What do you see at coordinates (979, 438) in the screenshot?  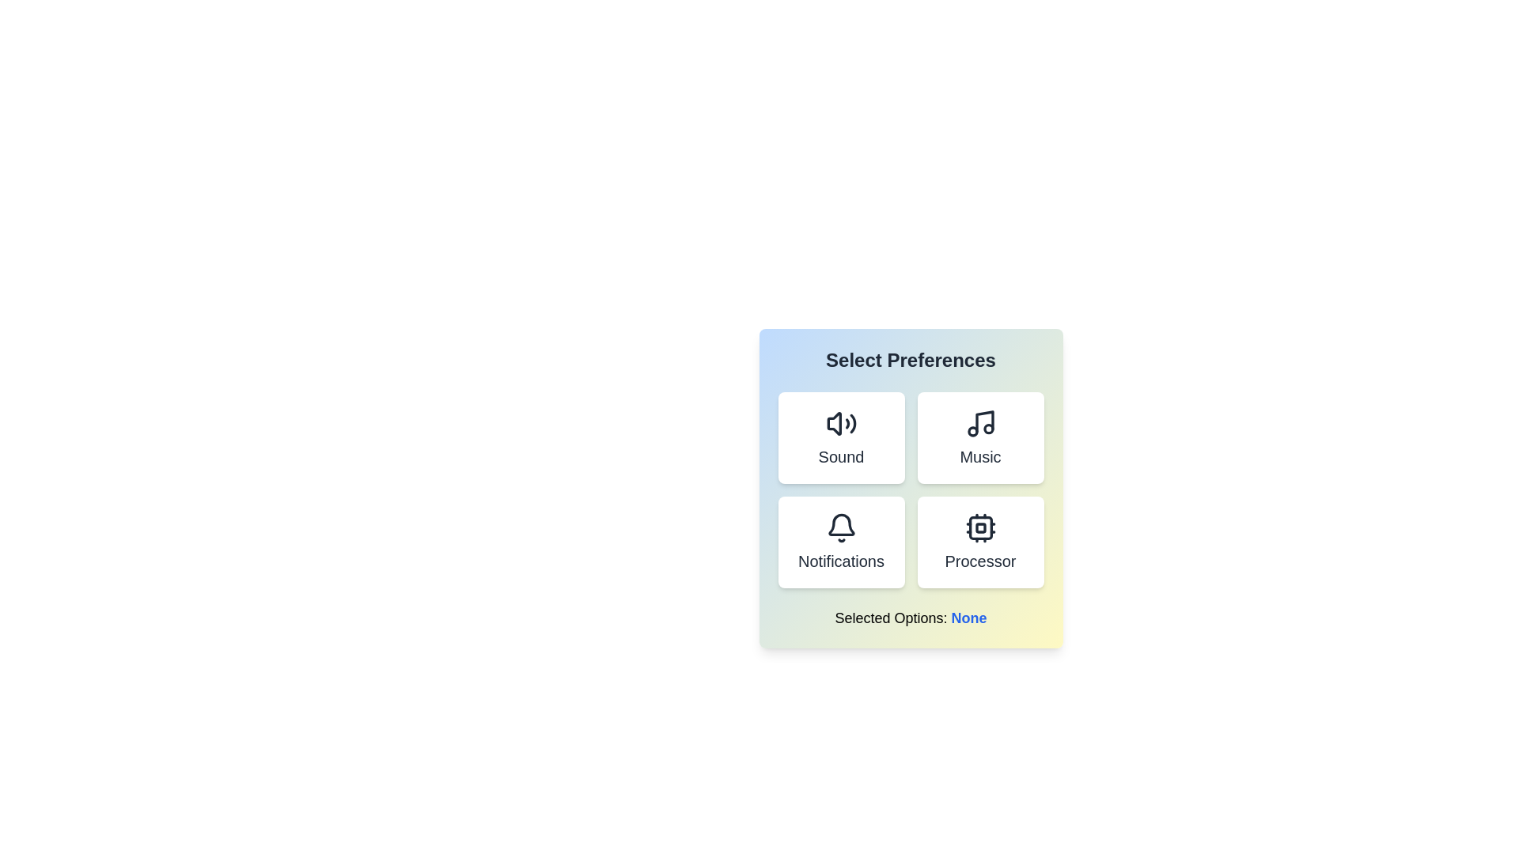 I see `the preference Music` at bounding box center [979, 438].